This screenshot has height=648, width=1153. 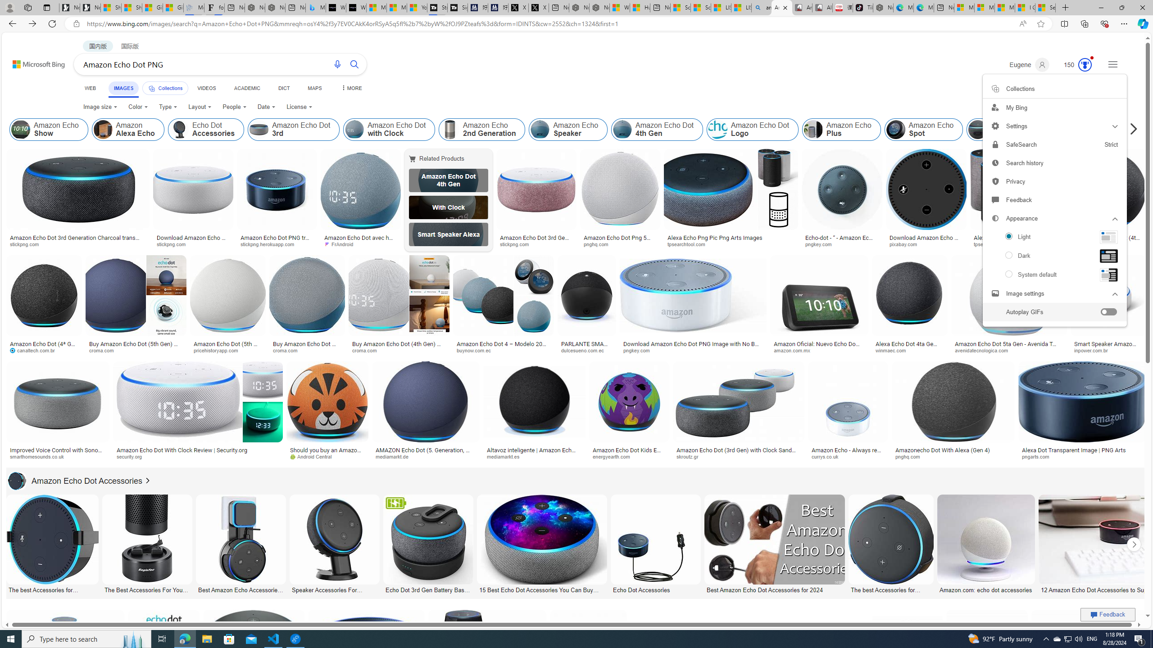 I want to click on 'ACADEMIC', so click(x=246, y=88).